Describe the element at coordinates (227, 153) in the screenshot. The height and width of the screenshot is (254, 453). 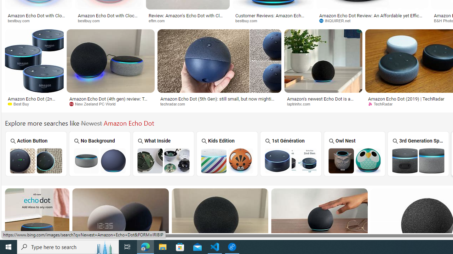
I see `'Amazon Echo Dot Kids Edition Kids Edition'` at that location.